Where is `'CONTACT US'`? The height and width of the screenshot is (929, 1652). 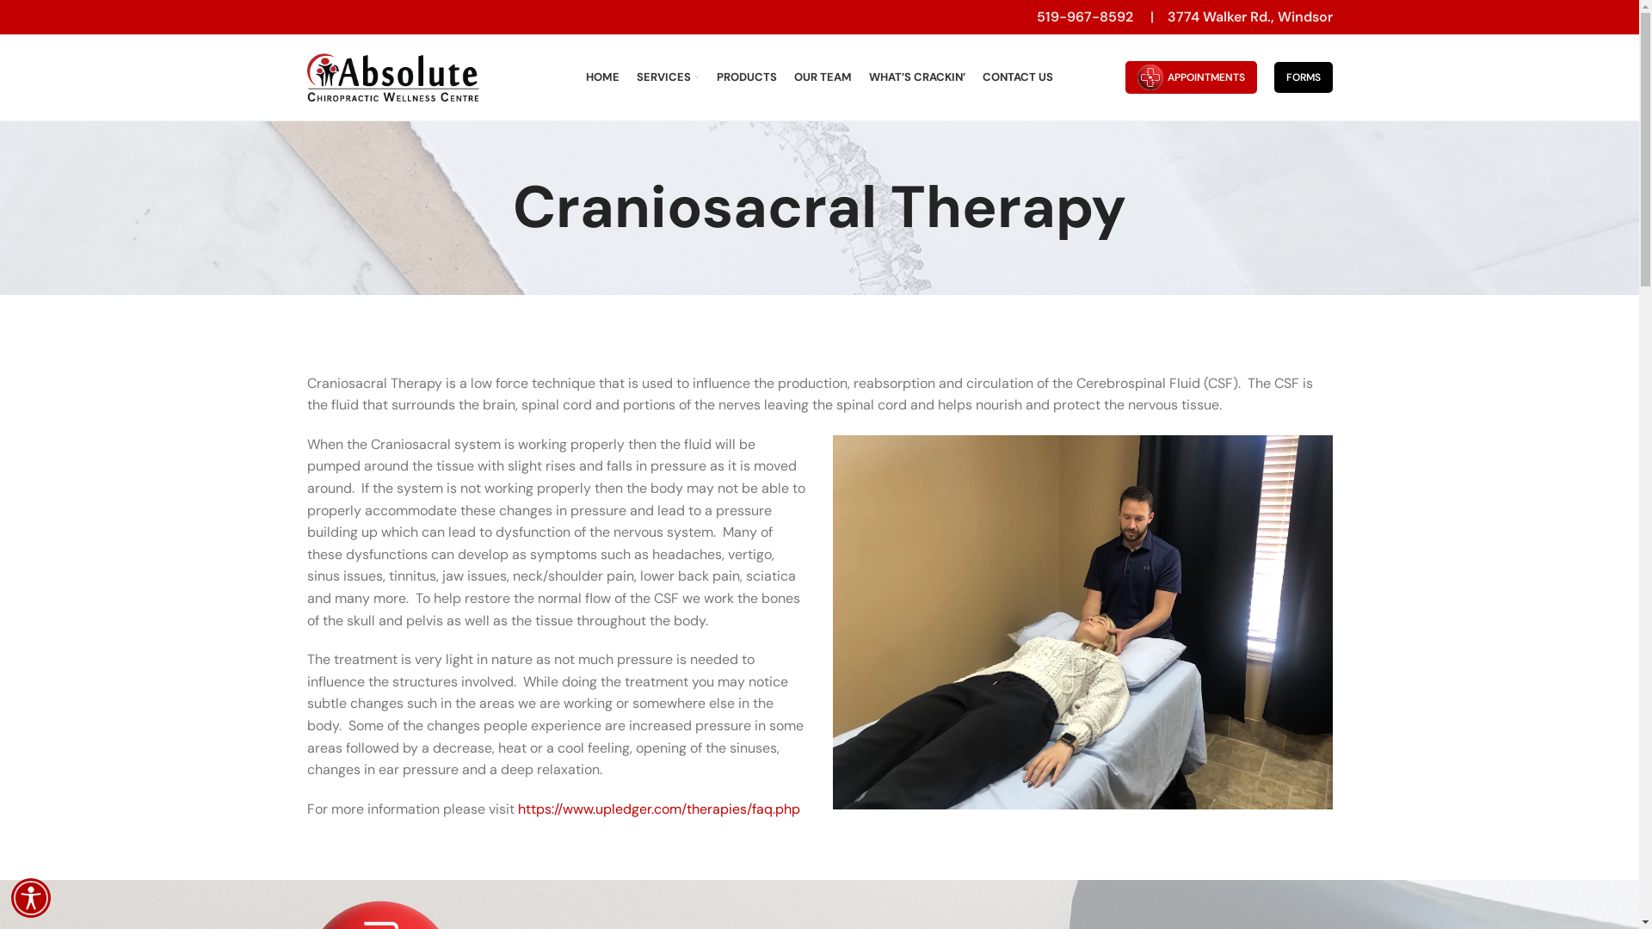 'CONTACT US' is located at coordinates (983, 76).